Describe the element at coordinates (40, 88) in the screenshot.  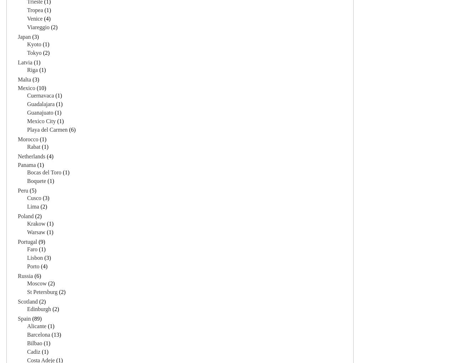
I see `'(10)'` at that location.